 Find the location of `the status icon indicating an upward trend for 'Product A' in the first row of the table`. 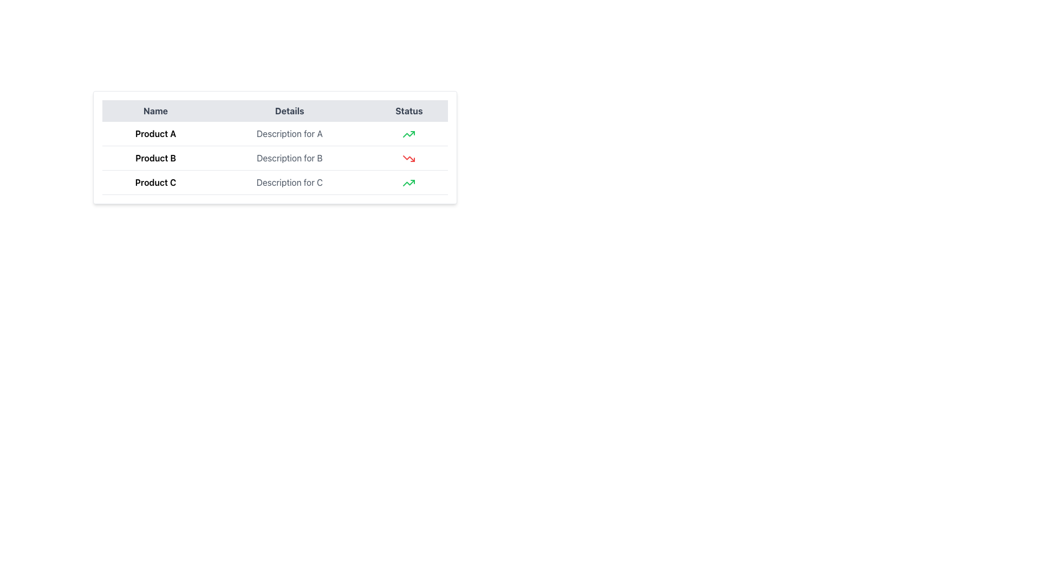

the status icon indicating an upward trend for 'Product A' in the first row of the table is located at coordinates (408, 133).